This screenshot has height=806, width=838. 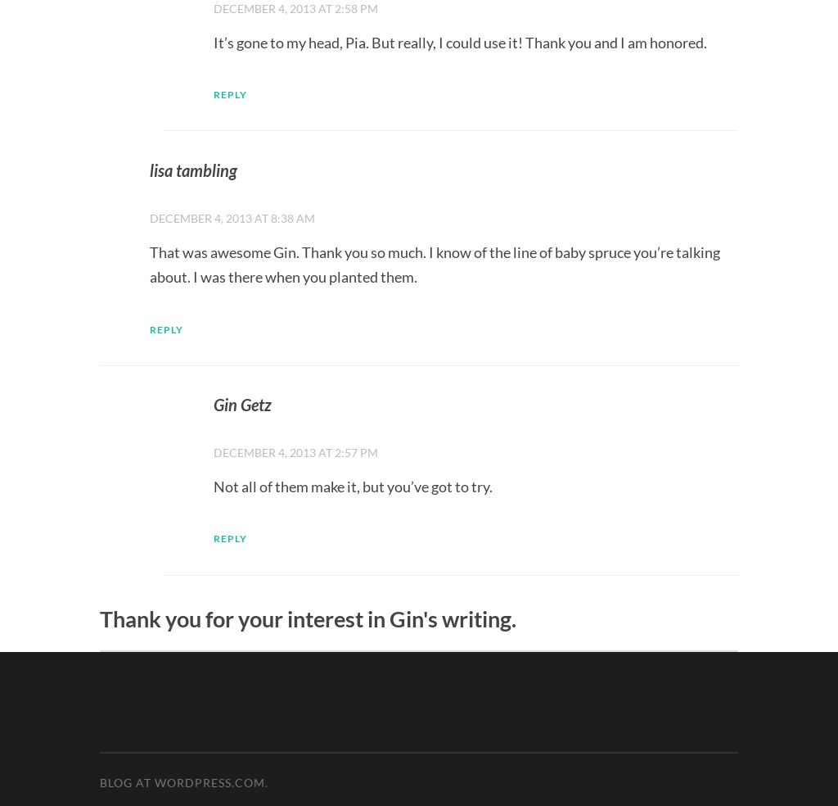 What do you see at coordinates (295, 451) in the screenshot?
I see `'December 4, 2013 at 2:57 pm'` at bounding box center [295, 451].